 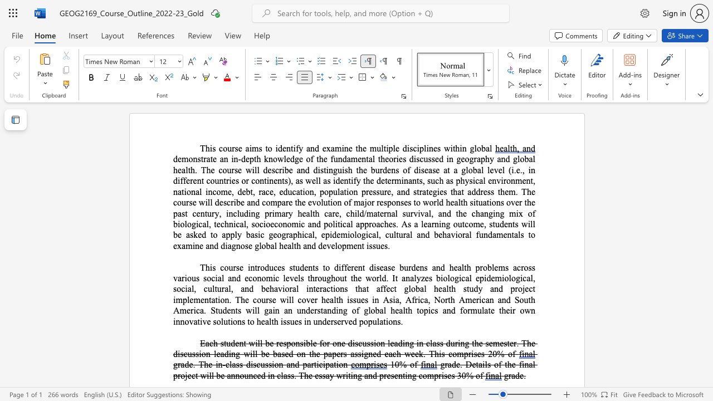 I want to click on the 6th character "e" in the text, so click(x=209, y=321).